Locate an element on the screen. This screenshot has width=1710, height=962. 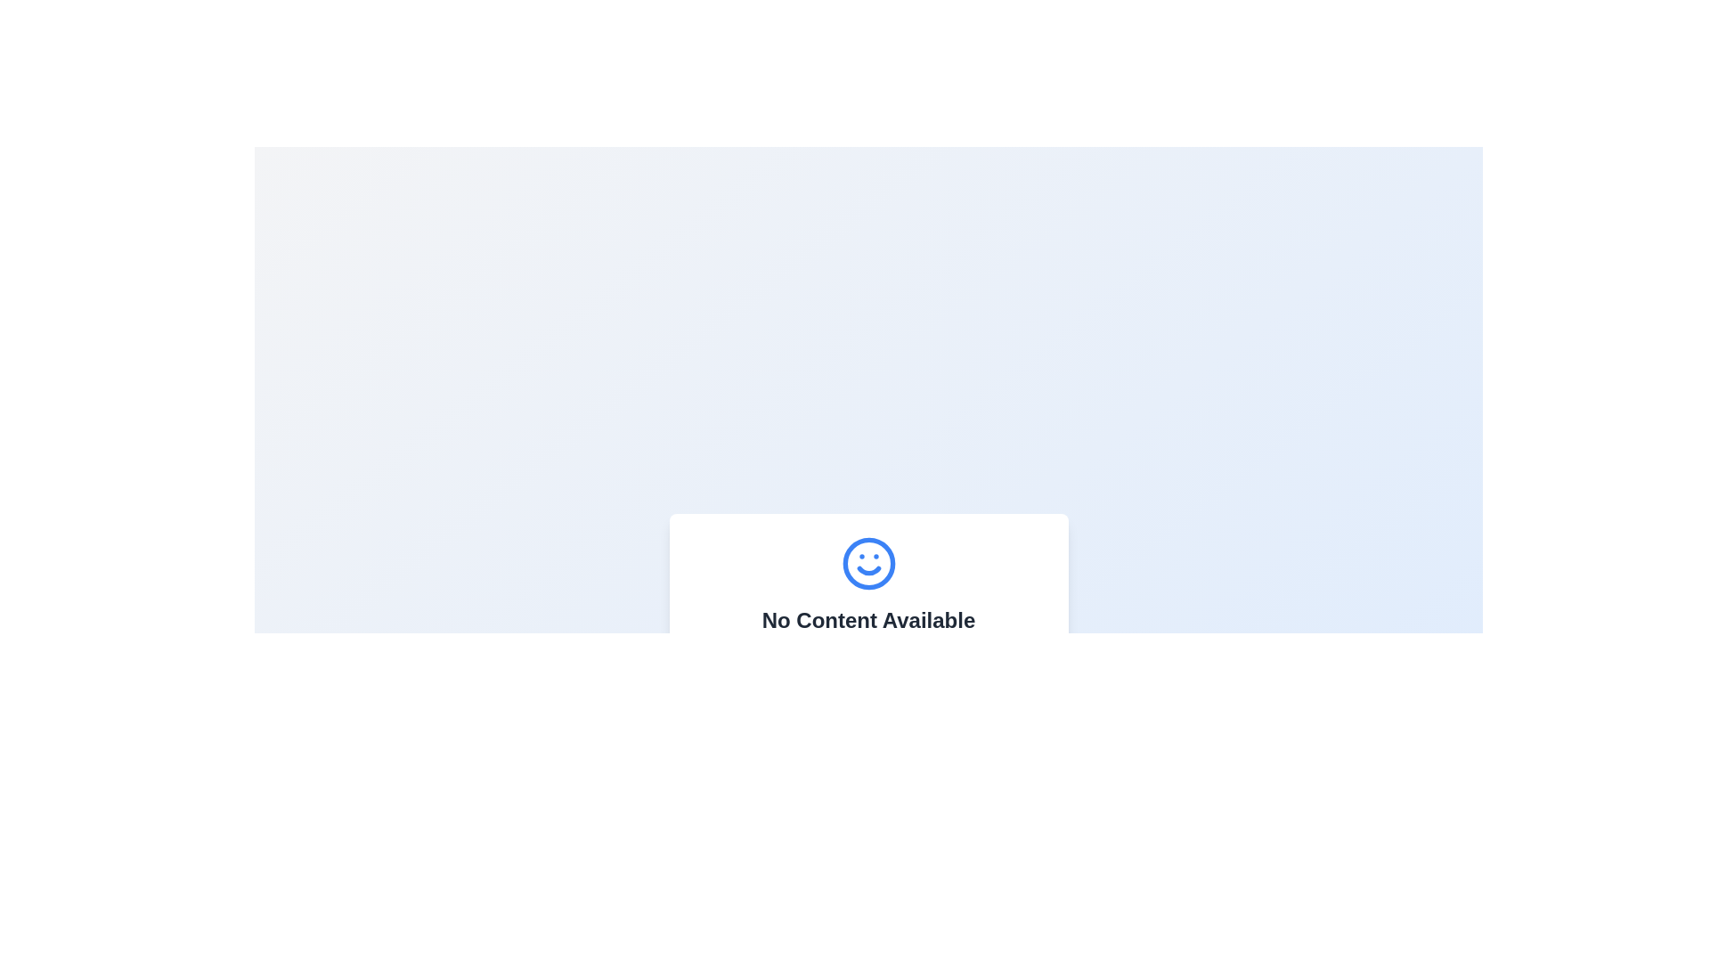
the smiley face icon with a blue color and circular border, which is centrally placed at the top section of the white box above the heading 'No Content Available' is located at coordinates (868, 563).